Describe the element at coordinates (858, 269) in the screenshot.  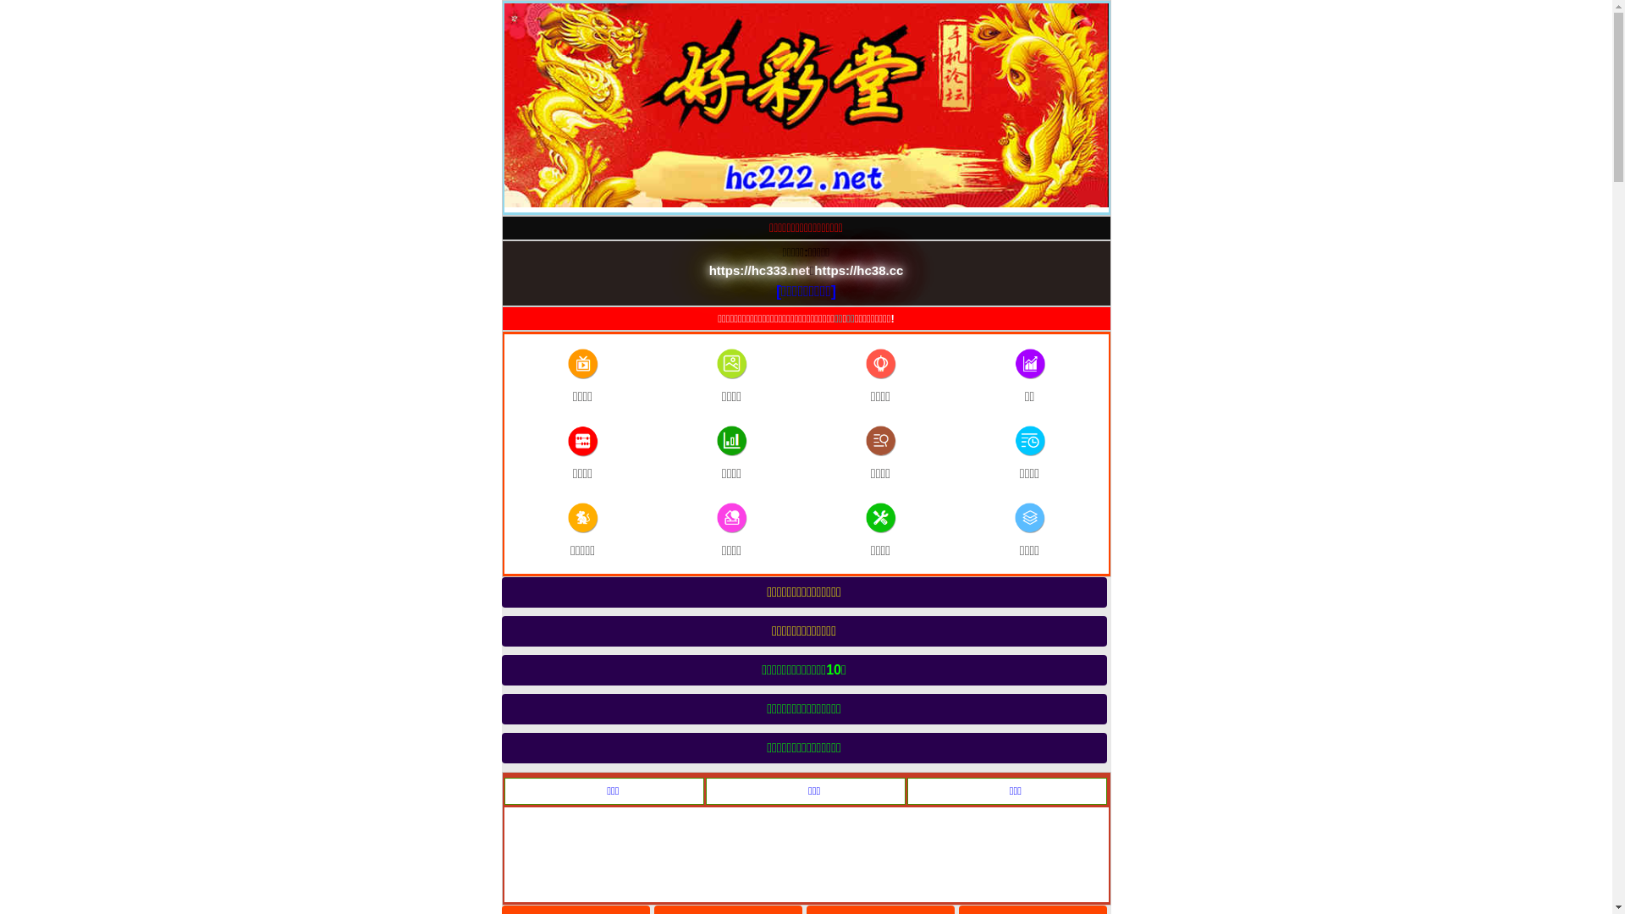
I see `'https://hc38.cc'` at that location.